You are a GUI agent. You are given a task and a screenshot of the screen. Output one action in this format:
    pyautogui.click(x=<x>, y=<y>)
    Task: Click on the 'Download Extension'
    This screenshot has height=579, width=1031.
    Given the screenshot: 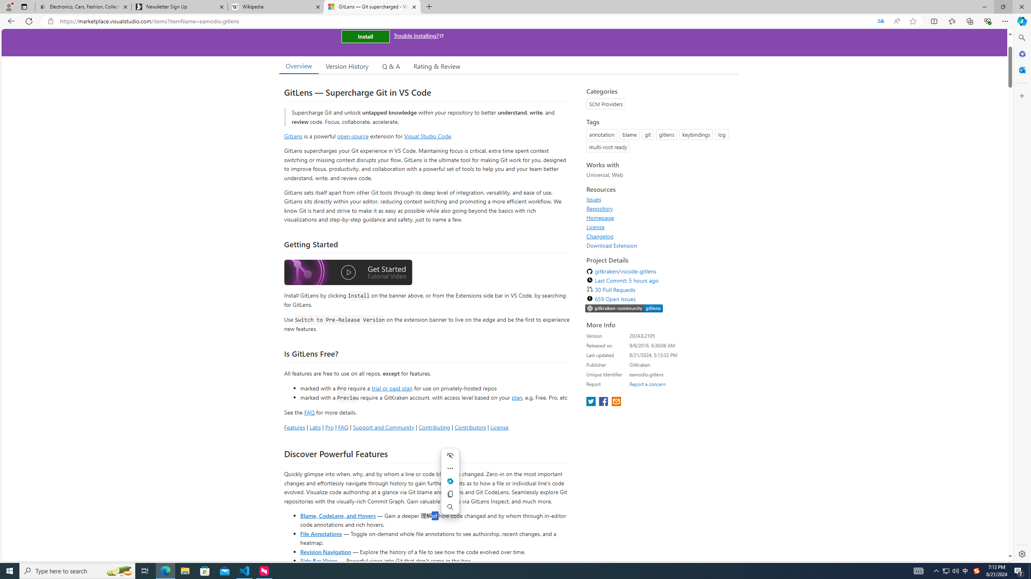 What is the action you would take?
    pyautogui.click(x=660, y=245)
    